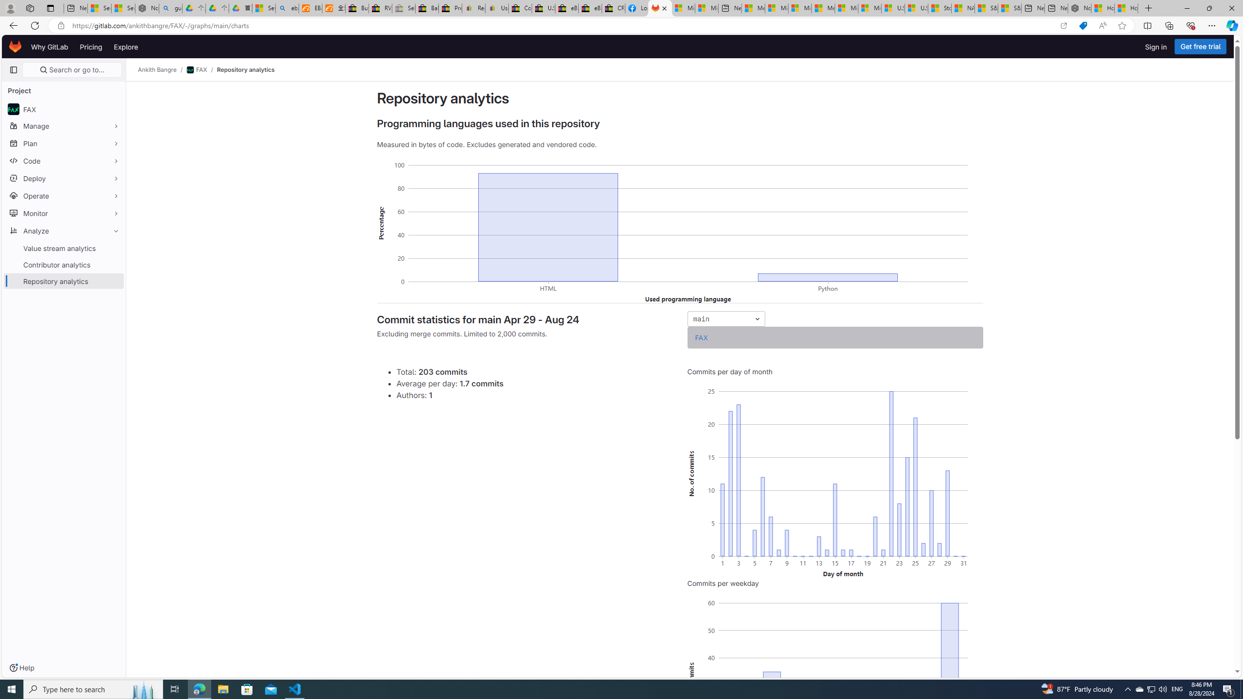  What do you see at coordinates (202, 69) in the screenshot?
I see `'FAX/'` at bounding box center [202, 69].